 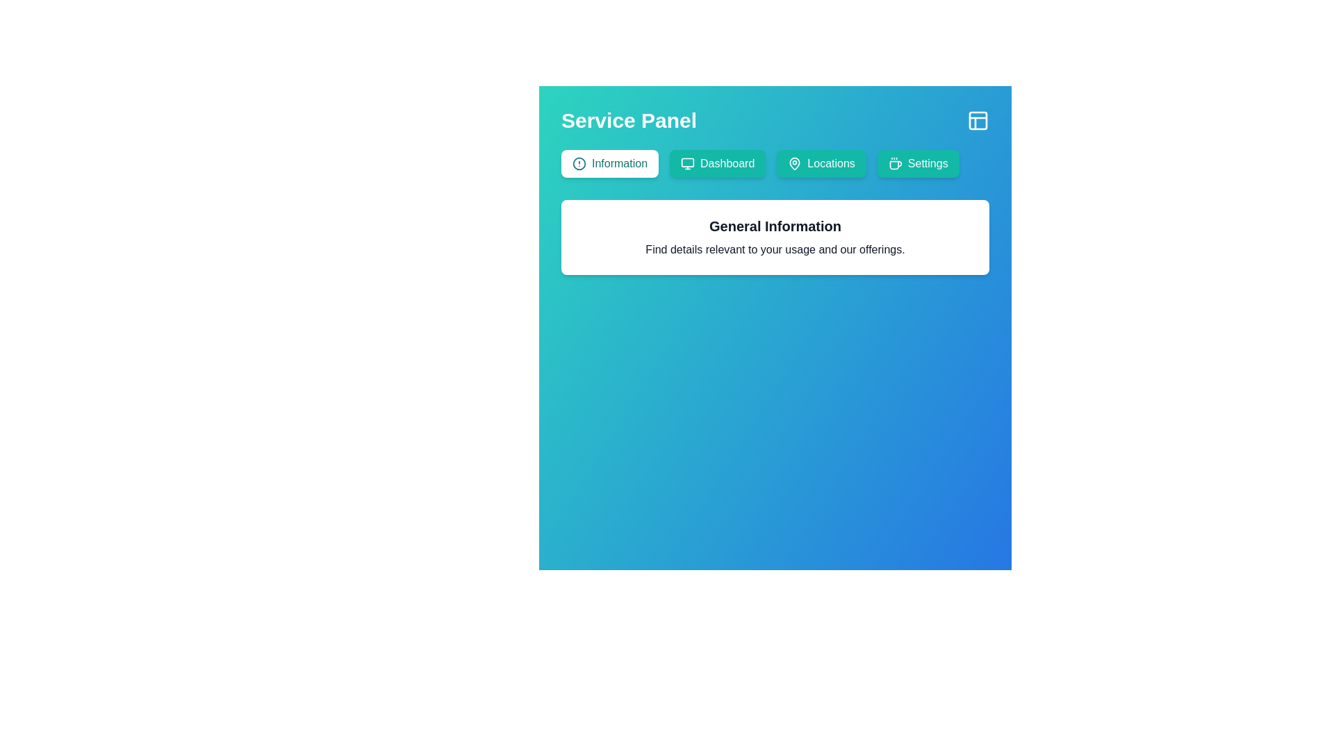 I want to click on the coffee cup icon with steam lines above it, located in the top navigation bar, as the fourth option in the 'Settings' group, so click(x=895, y=162).